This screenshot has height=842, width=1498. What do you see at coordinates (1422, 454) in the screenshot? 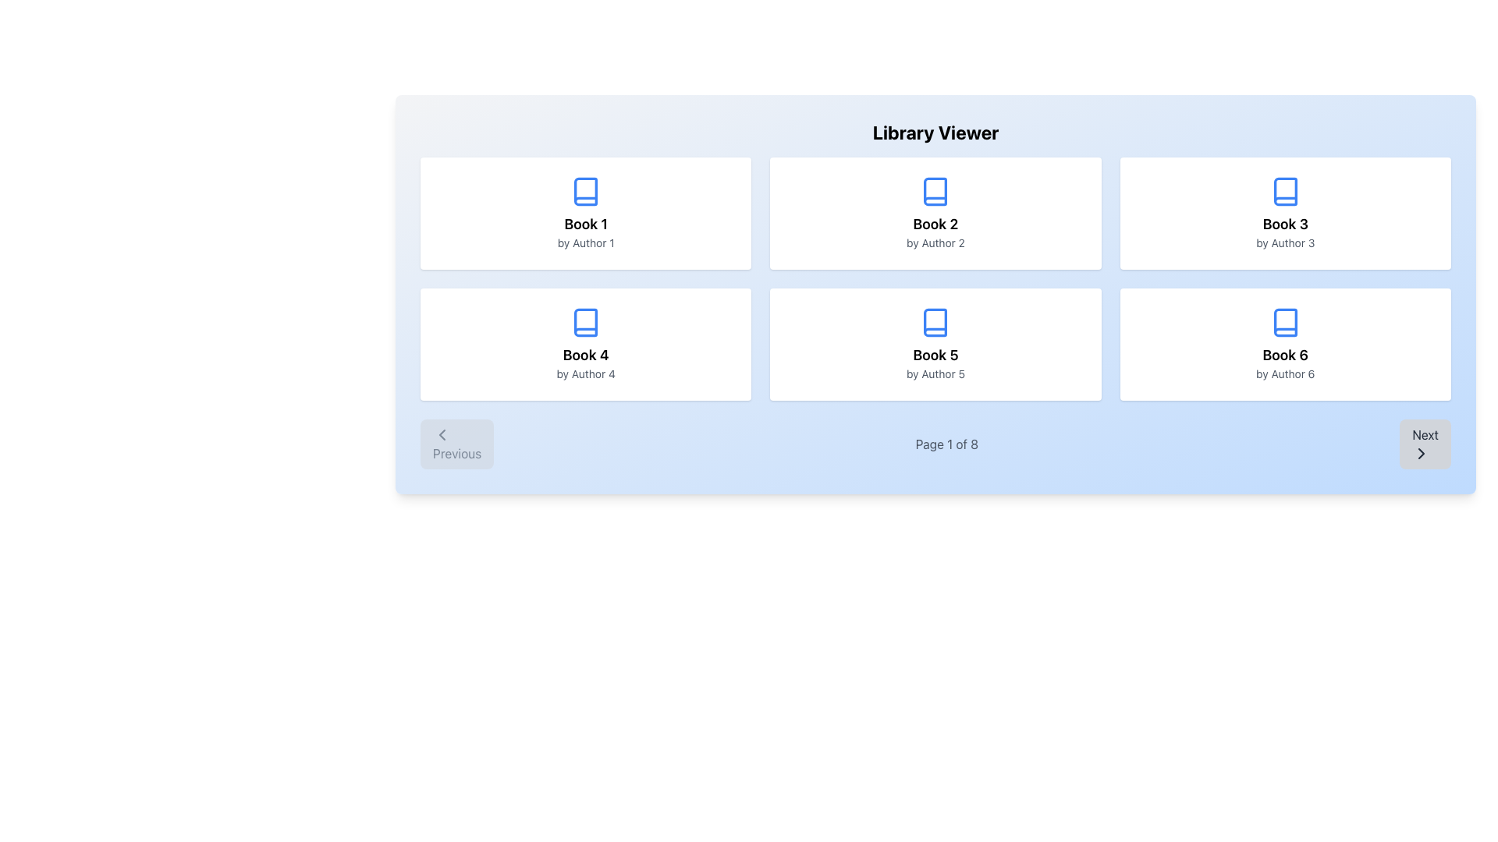
I see `the 'Next' button icon, which symbolizes the navigation action to advance to another page or view, located at the bottom-right corner of the interface` at bounding box center [1422, 454].